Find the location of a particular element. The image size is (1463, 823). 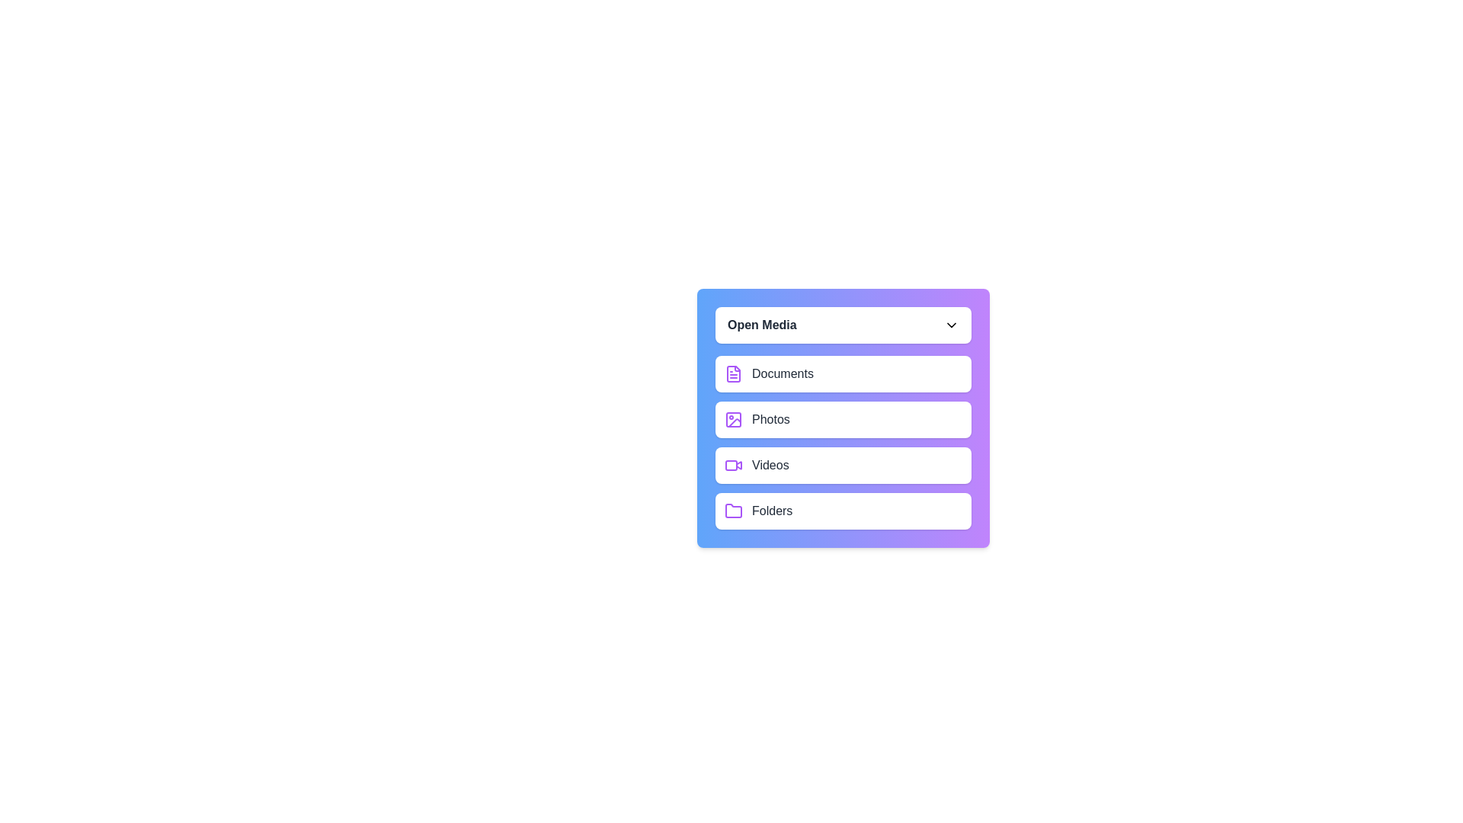

the photo menu icon located in the second row adjacent to the text 'Photos' is located at coordinates (734, 420).